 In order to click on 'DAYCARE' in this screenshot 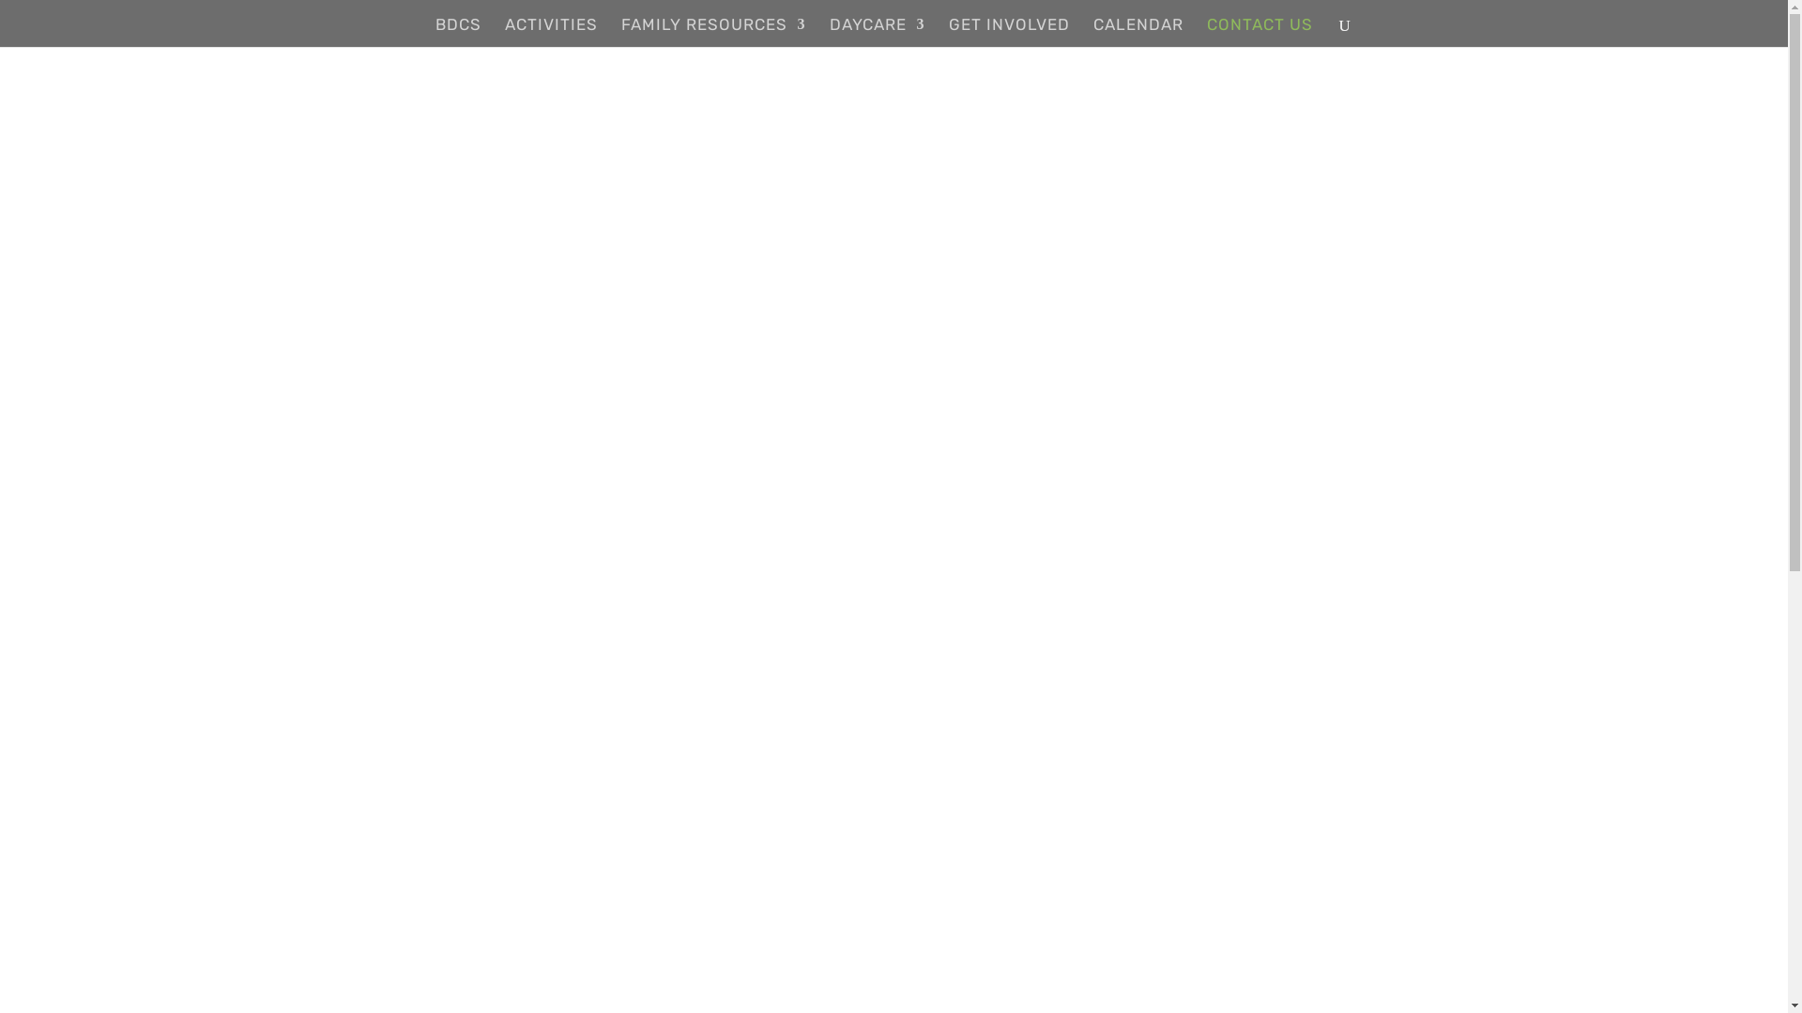, I will do `click(828, 32)`.